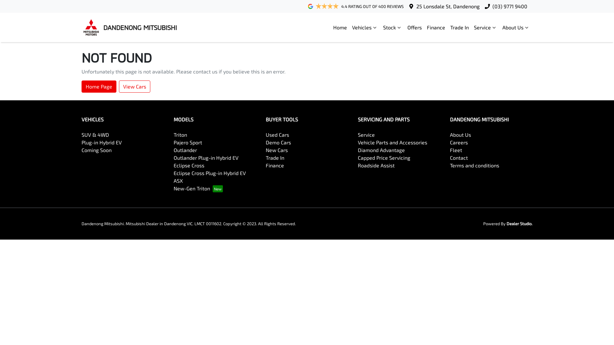 The image size is (614, 345). I want to click on 'View Cars', so click(134, 86).